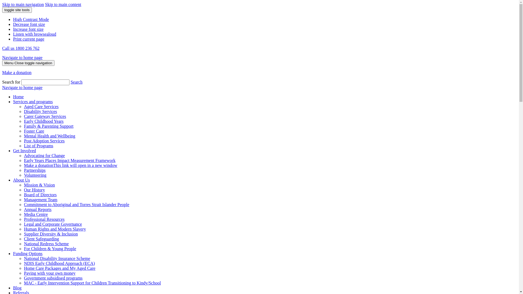 The image size is (523, 294). What do you see at coordinates (27, 253) in the screenshot?
I see `'Funding Options'` at bounding box center [27, 253].